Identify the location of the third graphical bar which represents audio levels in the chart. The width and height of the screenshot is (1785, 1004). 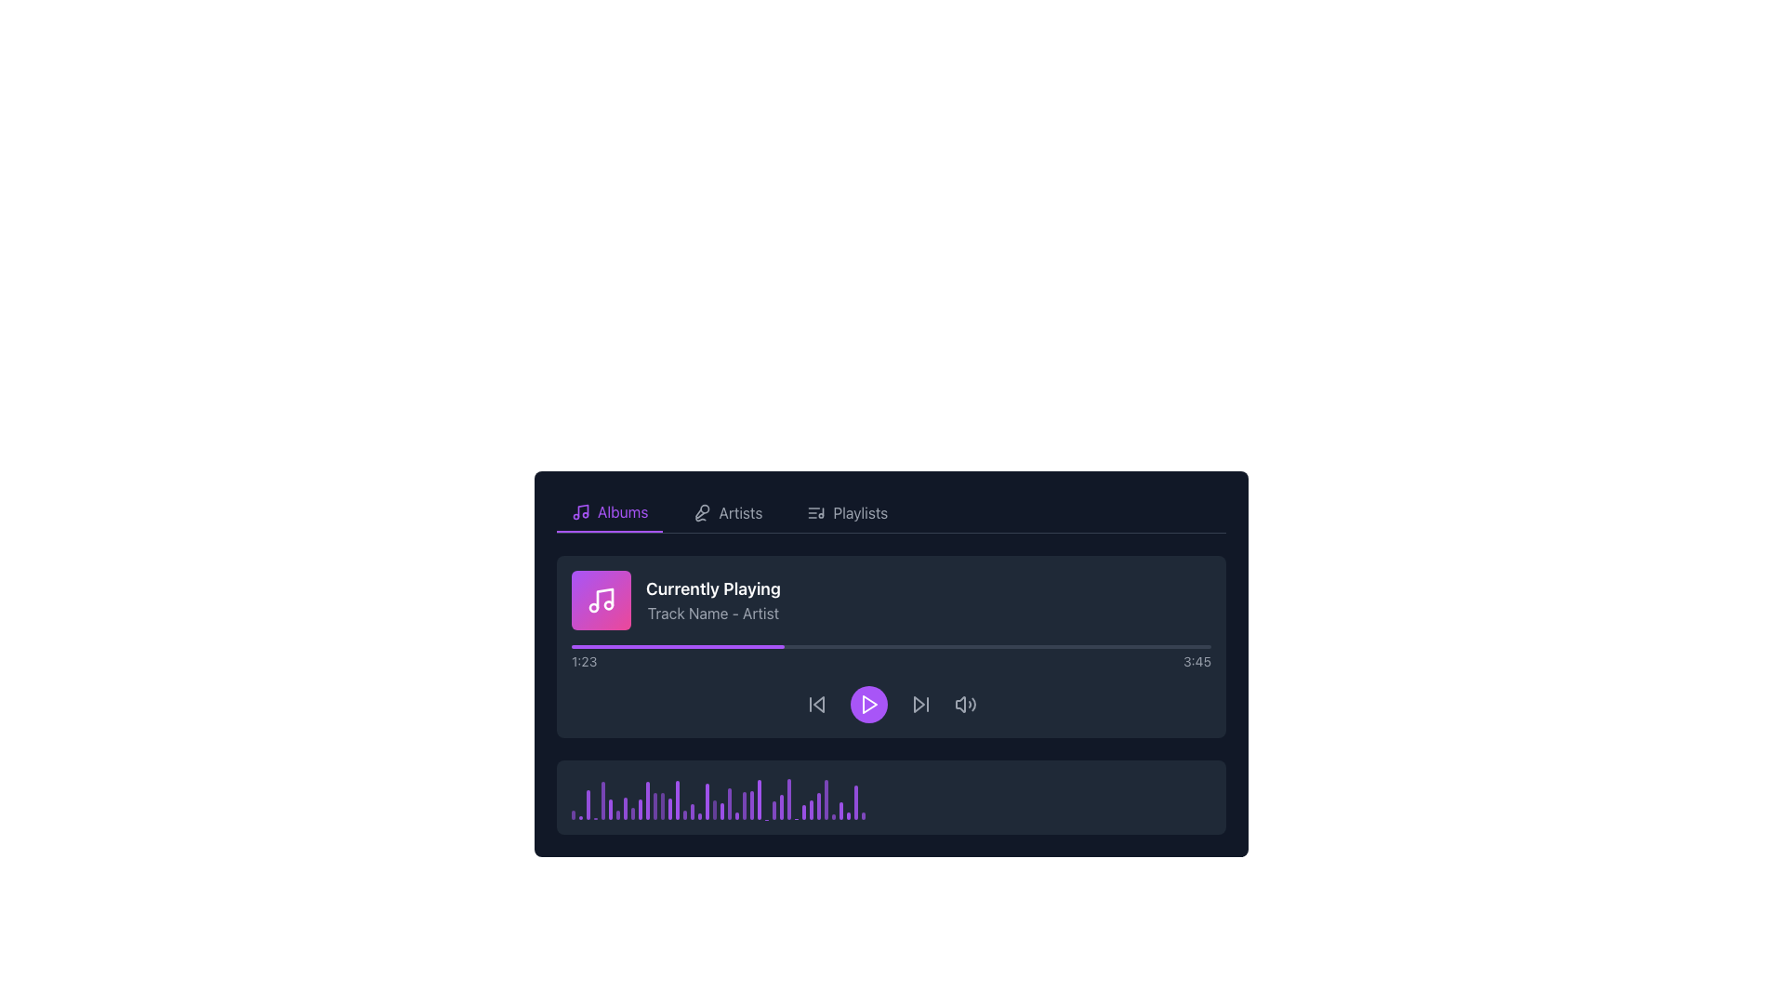
(588, 804).